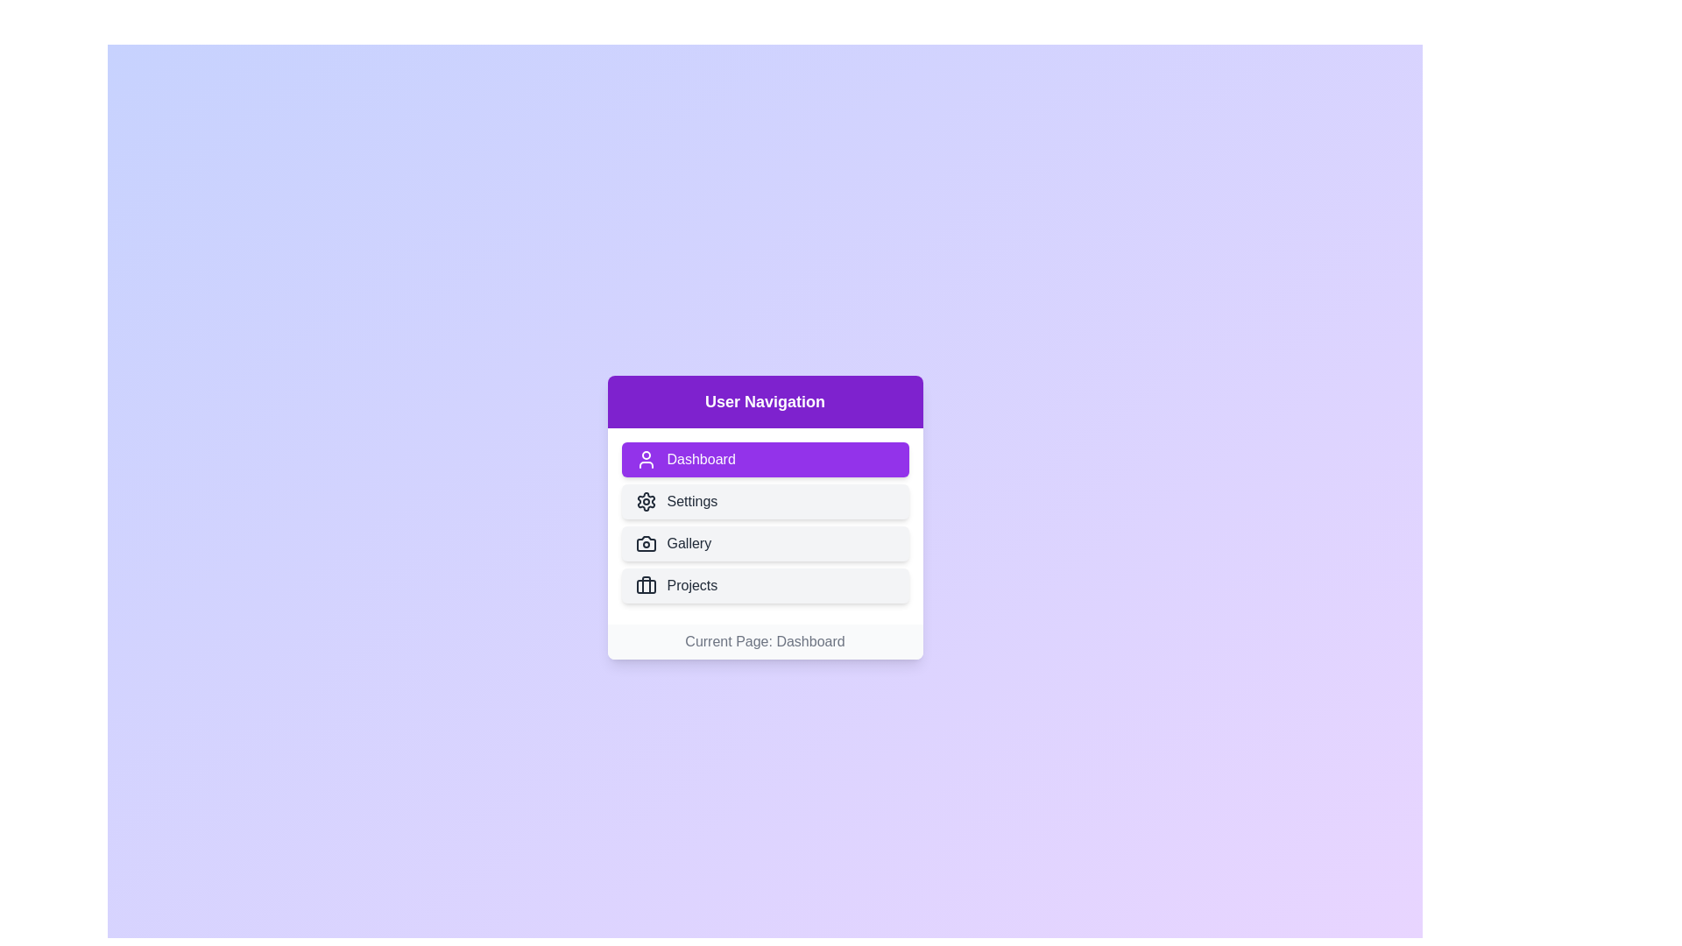 The height and width of the screenshot is (946, 1682). Describe the element at coordinates (765, 543) in the screenshot. I see `the Gallery button to navigate to the respective section` at that location.